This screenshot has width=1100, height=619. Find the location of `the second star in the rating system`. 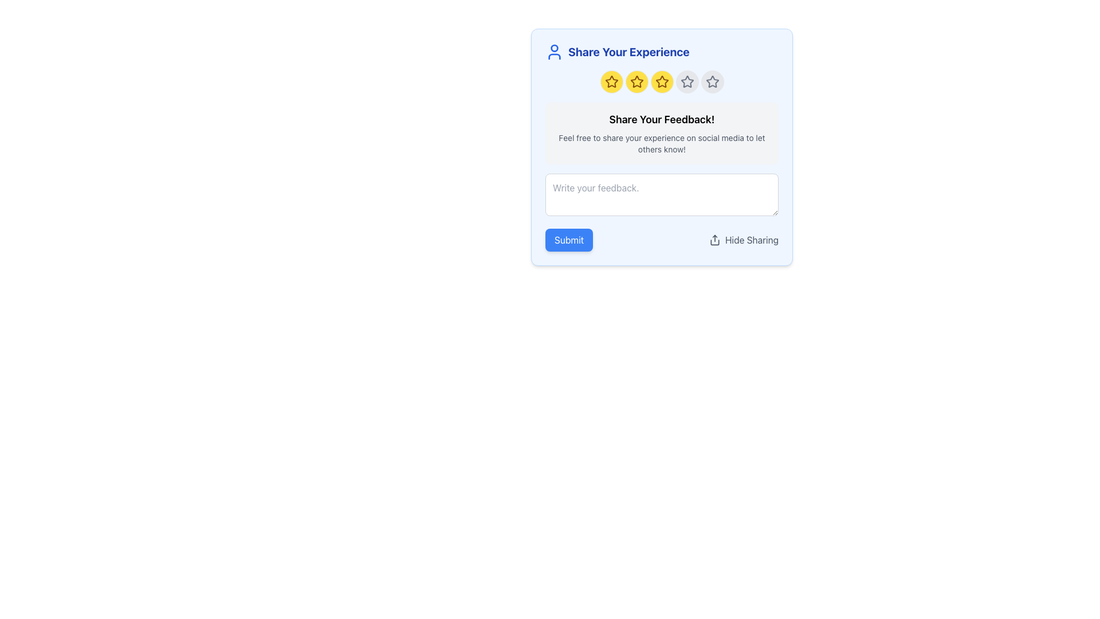

the second star in the rating system is located at coordinates (636, 81).